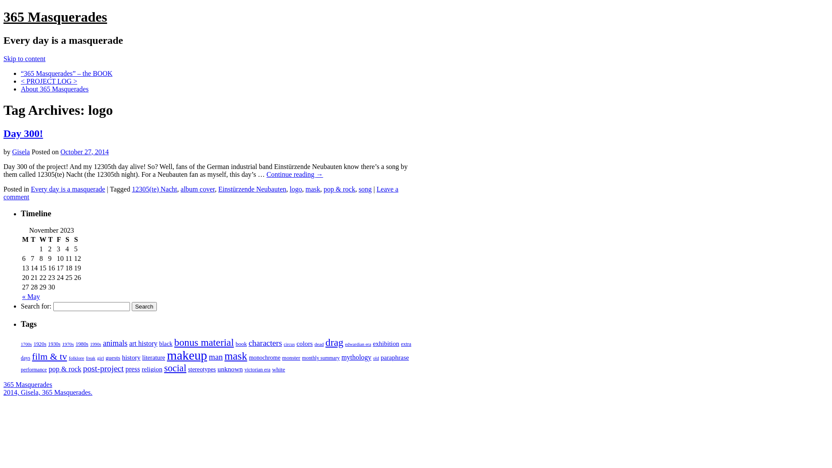 This screenshot has width=832, height=468. What do you see at coordinates (91, 358) in the screenshot?
I see `'freak'` at bounding box center [91, 358].